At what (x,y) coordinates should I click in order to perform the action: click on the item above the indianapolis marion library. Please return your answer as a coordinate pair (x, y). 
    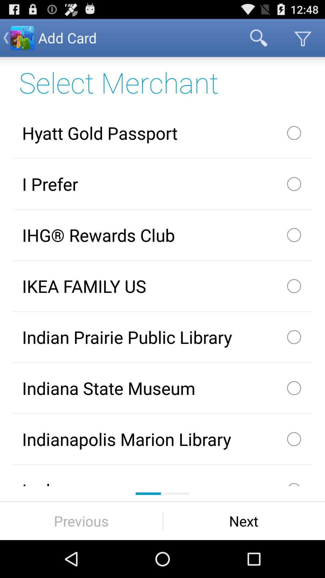
    Looking at the image, I should click on (162, 388).